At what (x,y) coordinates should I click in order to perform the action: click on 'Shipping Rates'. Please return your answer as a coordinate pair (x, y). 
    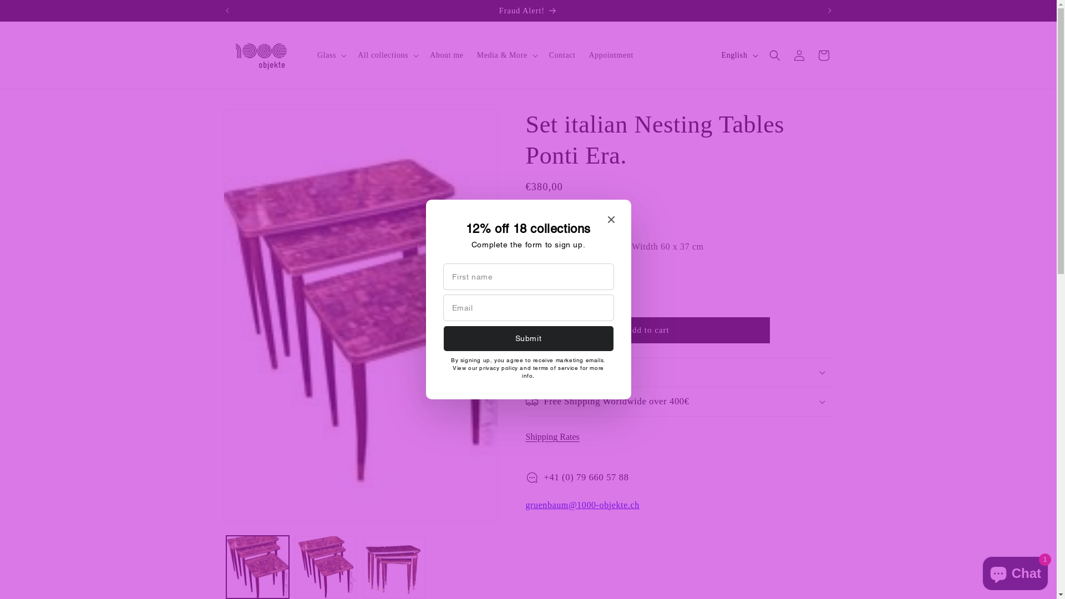
    Looking at the image, I should click on (556, 436).